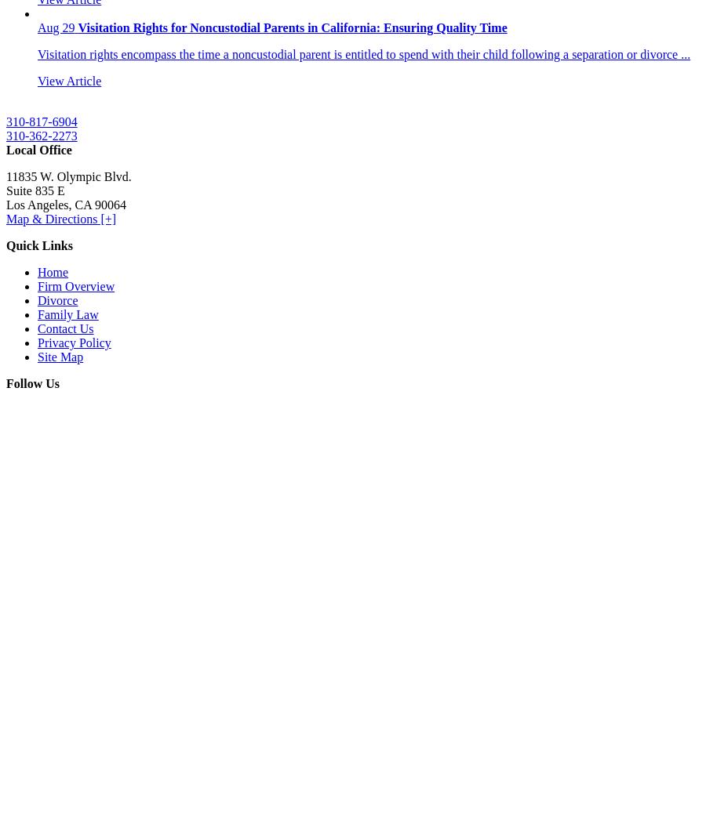 The width and height of the screenshot is (706, 830). Describe the element at coordinates (36, 299) in the screenshot. I see `'Divorce'` at that location.